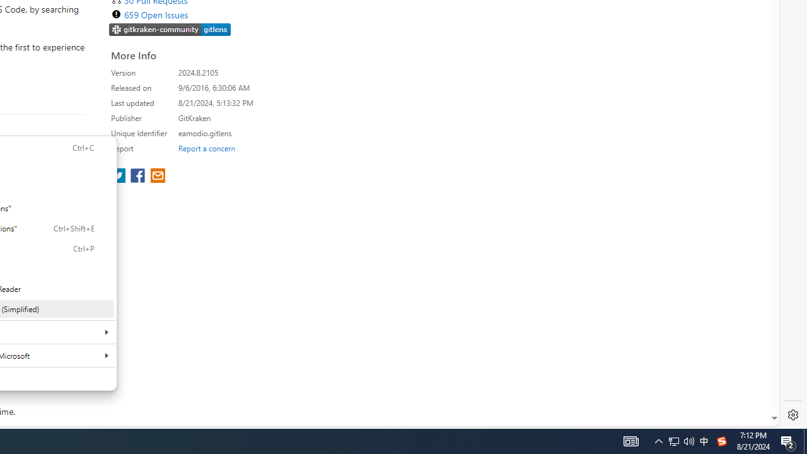 This screenshot has width=807, height=454. Describe the element at coordinates (206, 148) in the screenshot. I see `'Report a concern'` at that location.